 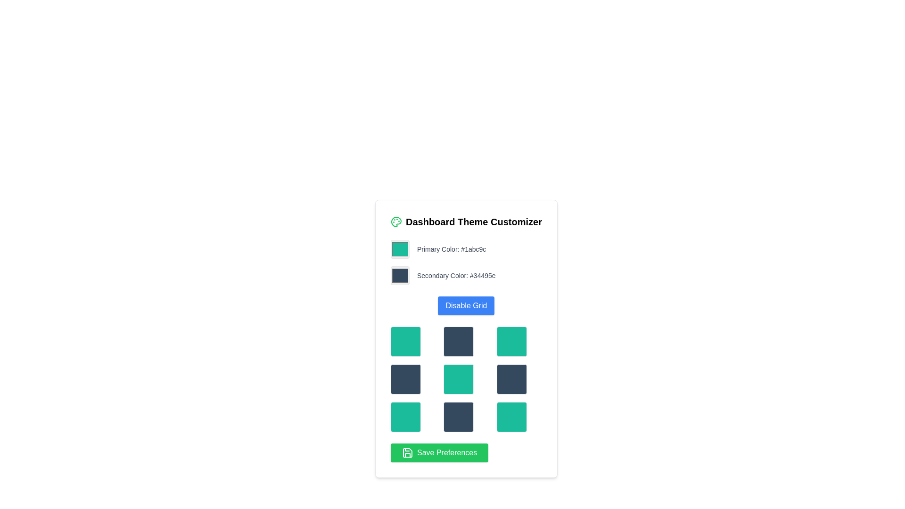 I want to click on the sixth selectable grid cell in the color selection grid, so click(x=511, y=379).